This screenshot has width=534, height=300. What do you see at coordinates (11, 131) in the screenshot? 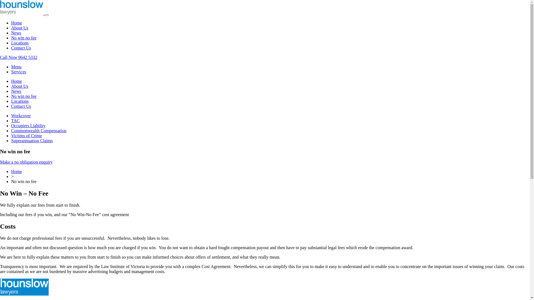
I see `'Commonwealth Compensation'` at bounding box center [11, 131].